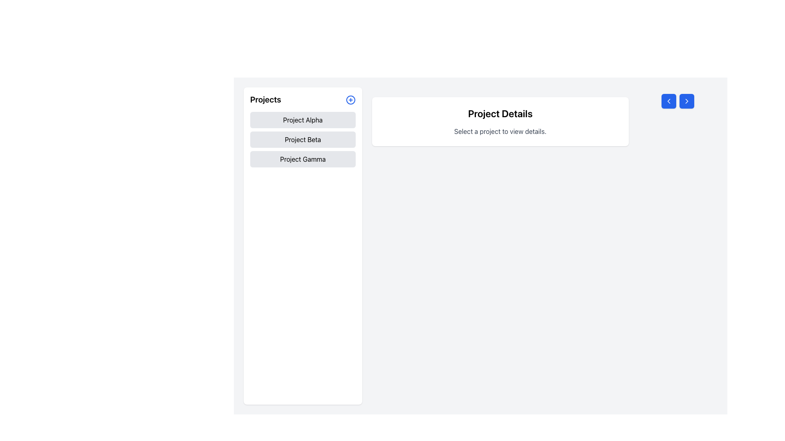 Image resolution: width=785 pixels, height=441 pixels. I want to click on the circular add button with a blue outline located to the right of the 'Projects' label in the sidebar header to initiate a project addition, so click(350, 99).